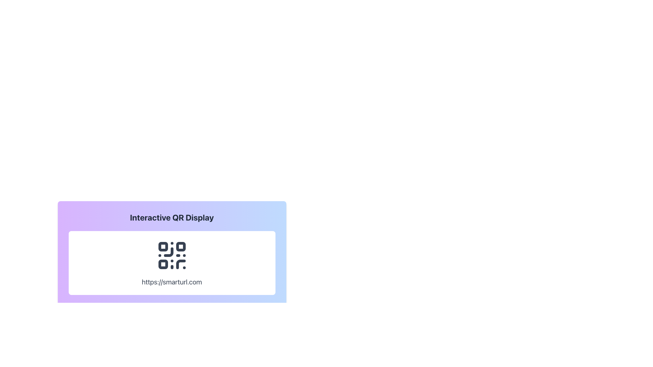  Describe the element at coordinates (181, 246) in the screenshot. I see `the second square element in the upper right corner of the QR code, which is part of its symbolic structure and aids in scanning` at that location.